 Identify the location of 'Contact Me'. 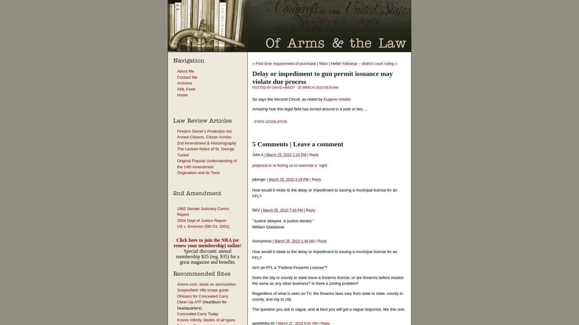
(187, 77).